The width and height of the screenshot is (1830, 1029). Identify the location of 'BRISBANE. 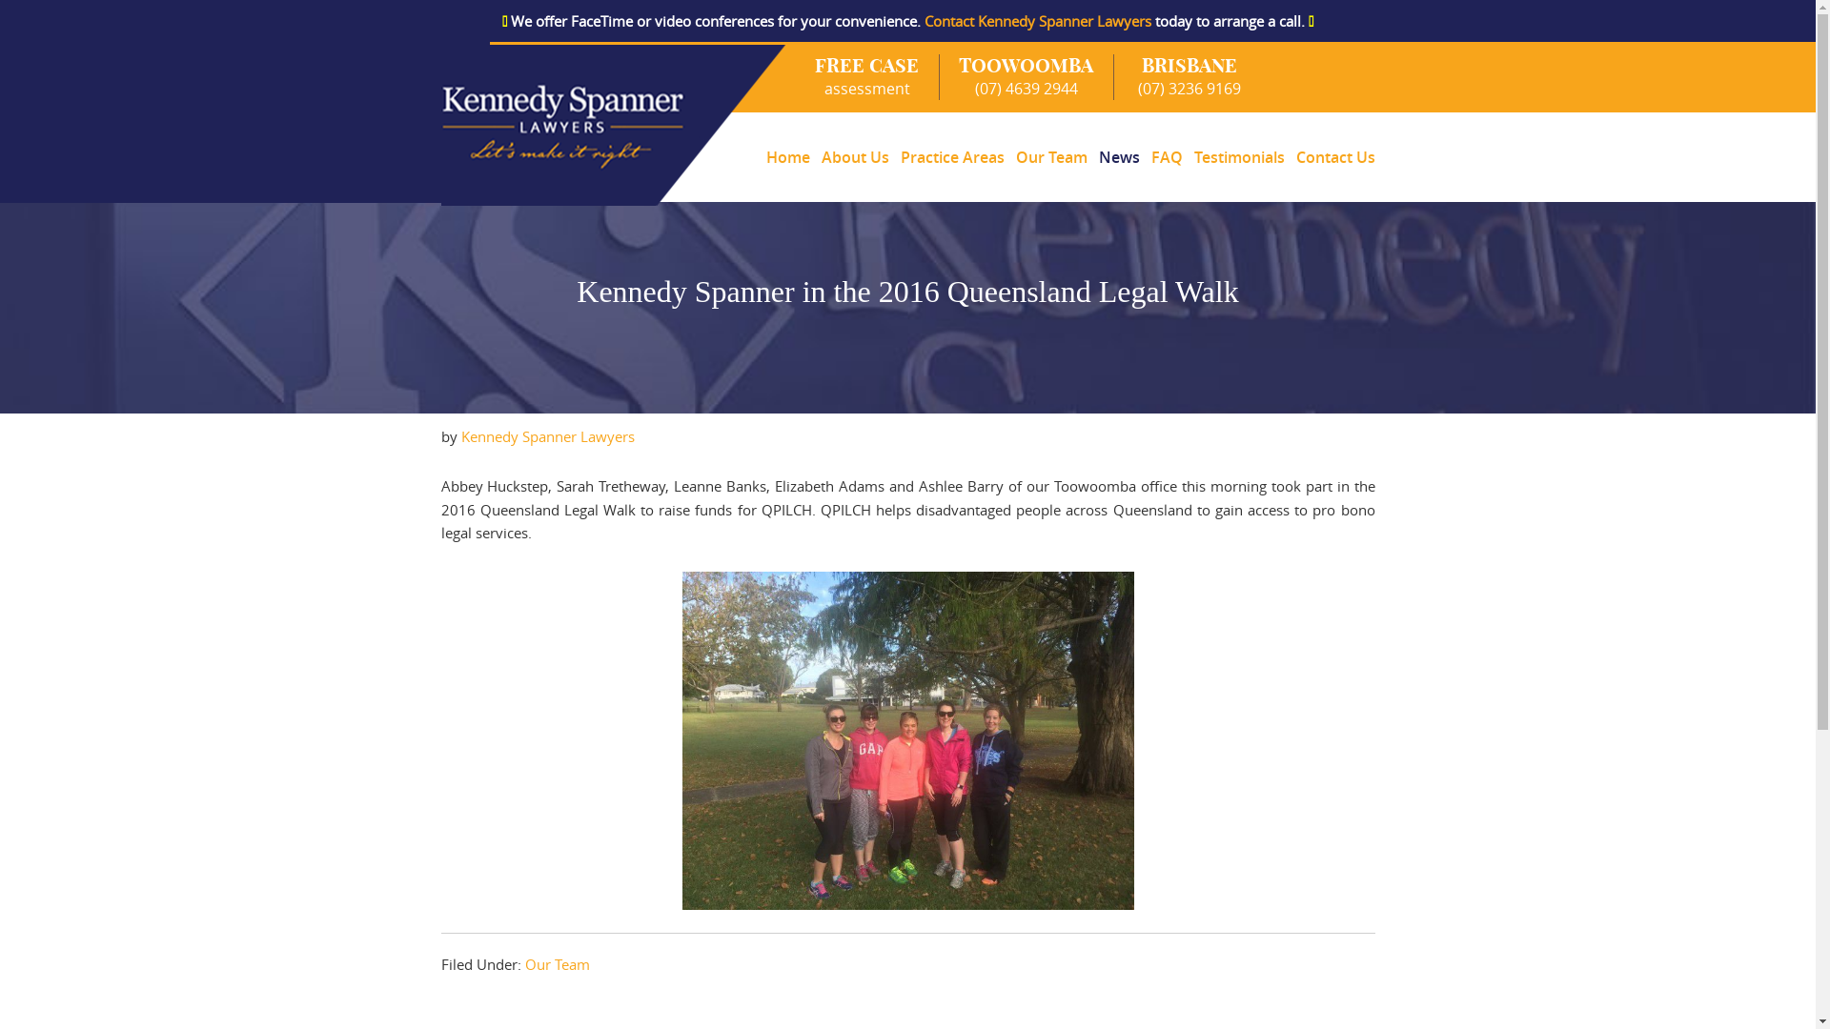
(1114, 76).